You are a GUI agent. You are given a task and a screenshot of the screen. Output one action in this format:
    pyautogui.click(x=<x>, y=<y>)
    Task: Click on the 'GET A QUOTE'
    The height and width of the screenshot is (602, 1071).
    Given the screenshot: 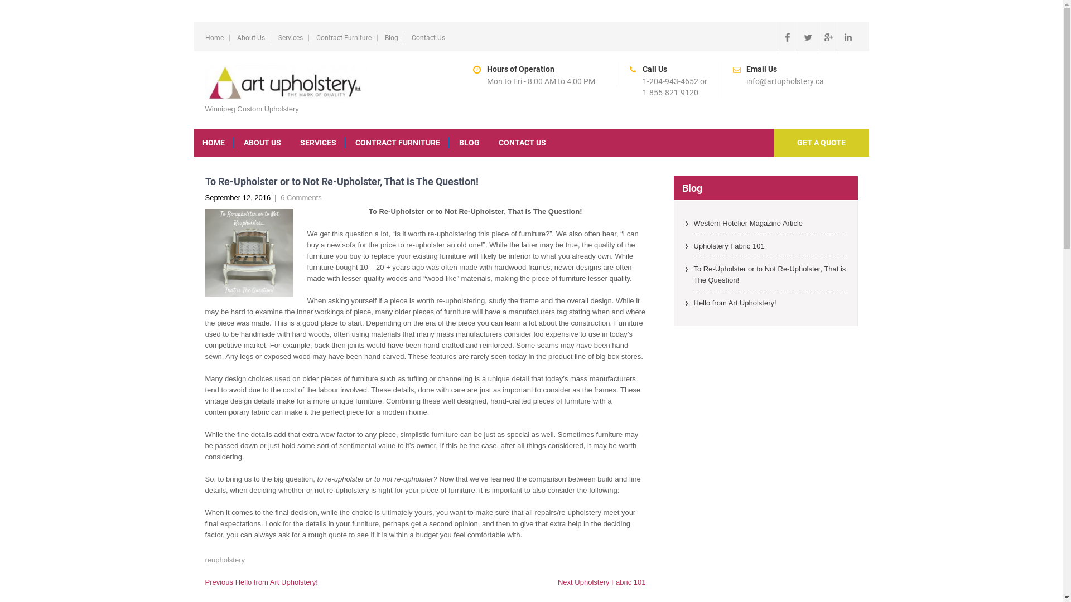 What is the action you would take?
    pyautogui.click(x=821, y=142)
    